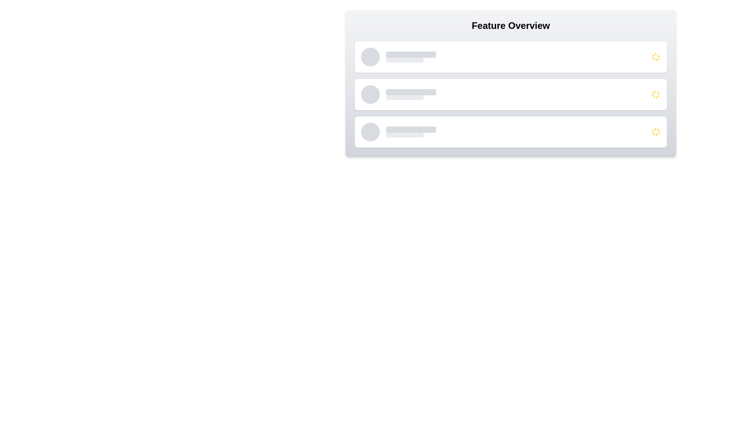 Image resolution: width=751 pixels, height=422 pixels. I want to click on the spinning animation of the yellow circular loader icon located in the second list item of the vertical list within the 'Feature Overview' card, so click(656, 94).